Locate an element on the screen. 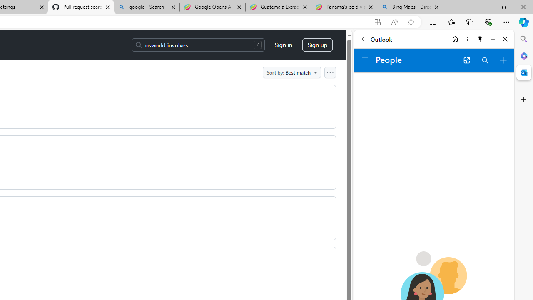 This screenshot has height=300, width=533. 'Open column options' is located at coordinates (329, 72).